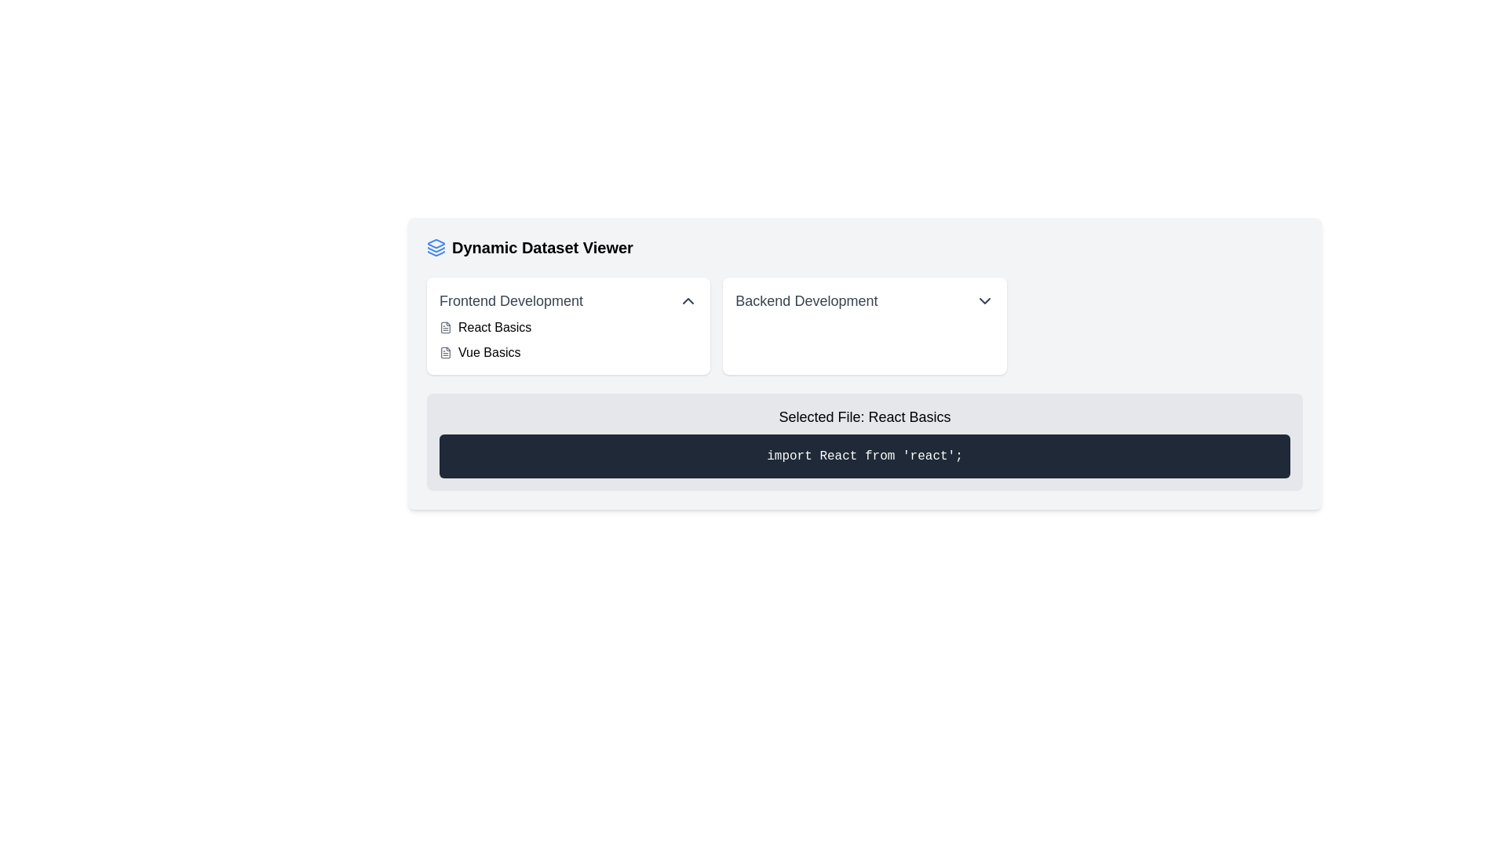 The width and height of the screenshot is (1507, 847). Describe the element at coordinates (436, 248) in the screenshot. I see `the middle layer of the three-layered SVG icon resembling stacked sheets with curved edges, located on the left side of the header` at that location.